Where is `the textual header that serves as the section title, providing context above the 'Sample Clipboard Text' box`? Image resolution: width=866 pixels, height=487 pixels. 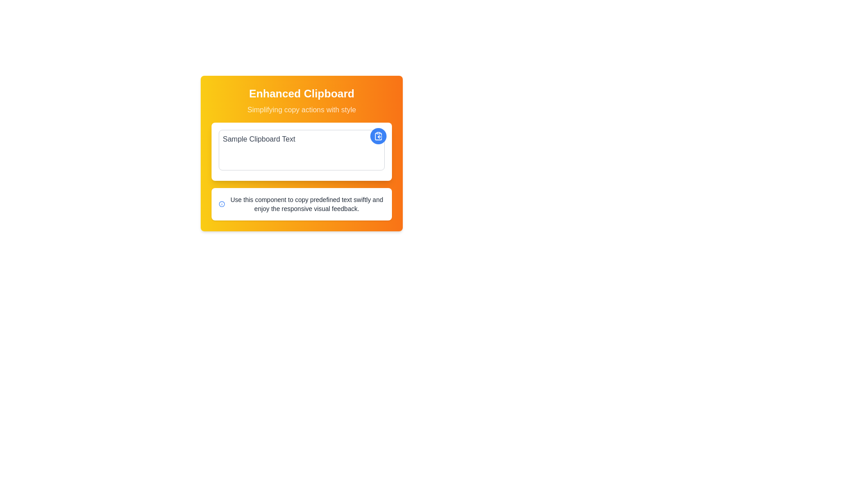 the textual header that serves as the section title, providing context above the 'Sample Clipboard Text' box is located at coordinates (301, 101).